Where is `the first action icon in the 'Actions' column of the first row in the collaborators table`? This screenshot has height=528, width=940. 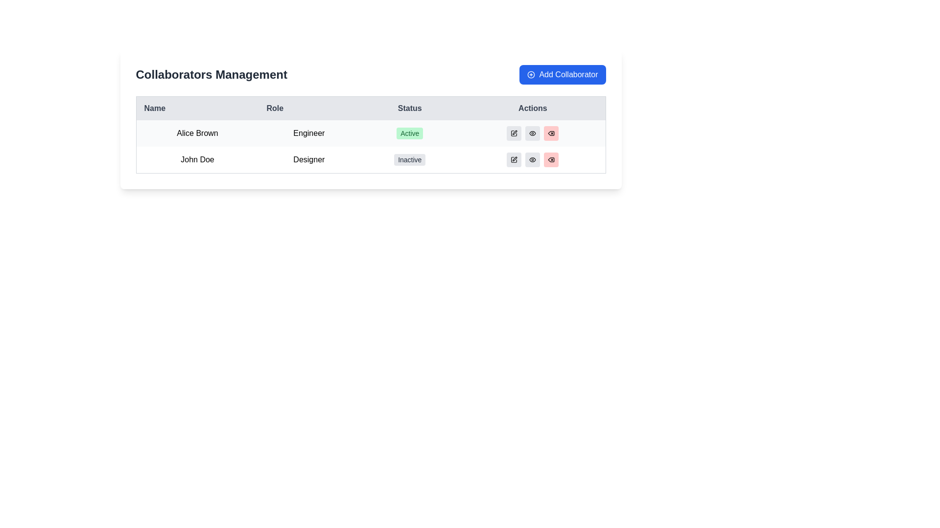
the first action icon in the 'Actions' column of the first row in the collaborators table is located at coordinates (514, 133).